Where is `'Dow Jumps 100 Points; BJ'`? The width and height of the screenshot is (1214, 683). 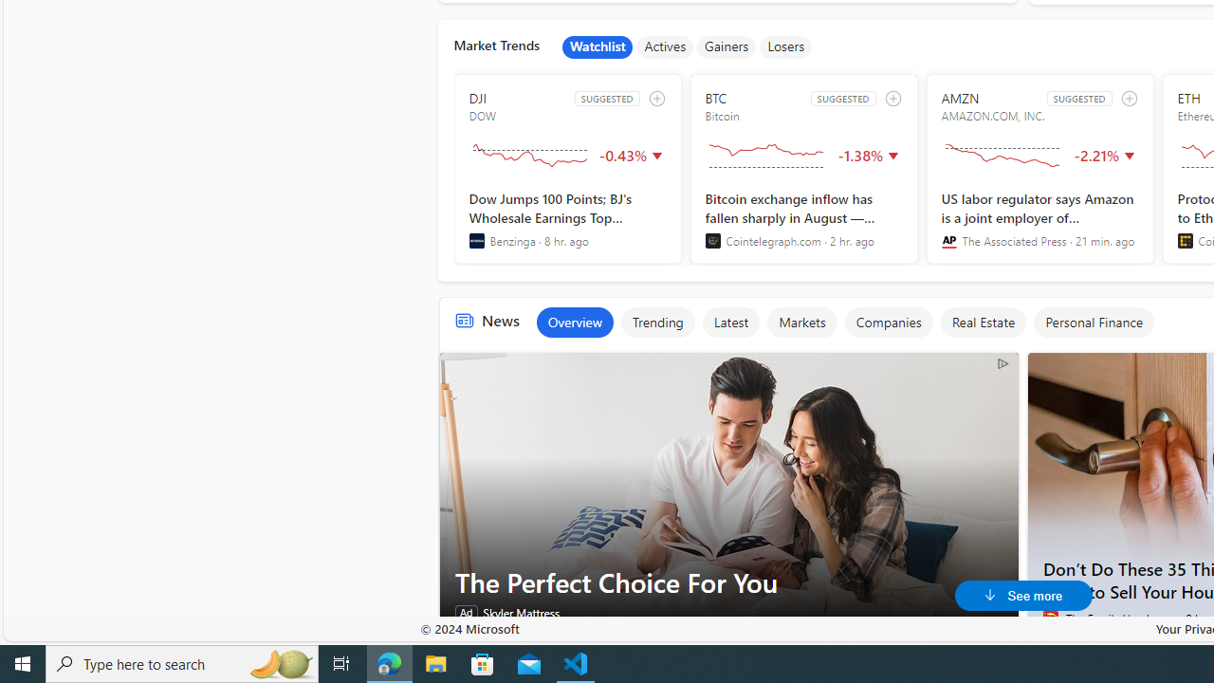 'Dow Jumps 100 Points; BJ' is located at coordinates (566, 218).